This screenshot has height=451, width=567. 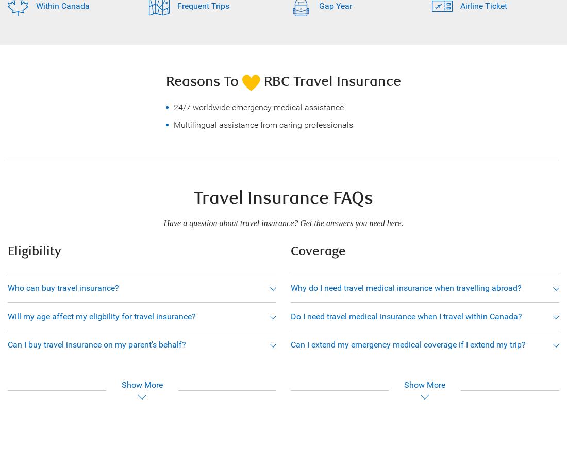 I want to click on 'Travel Insurance FAQs', so click(x=283, y=198).